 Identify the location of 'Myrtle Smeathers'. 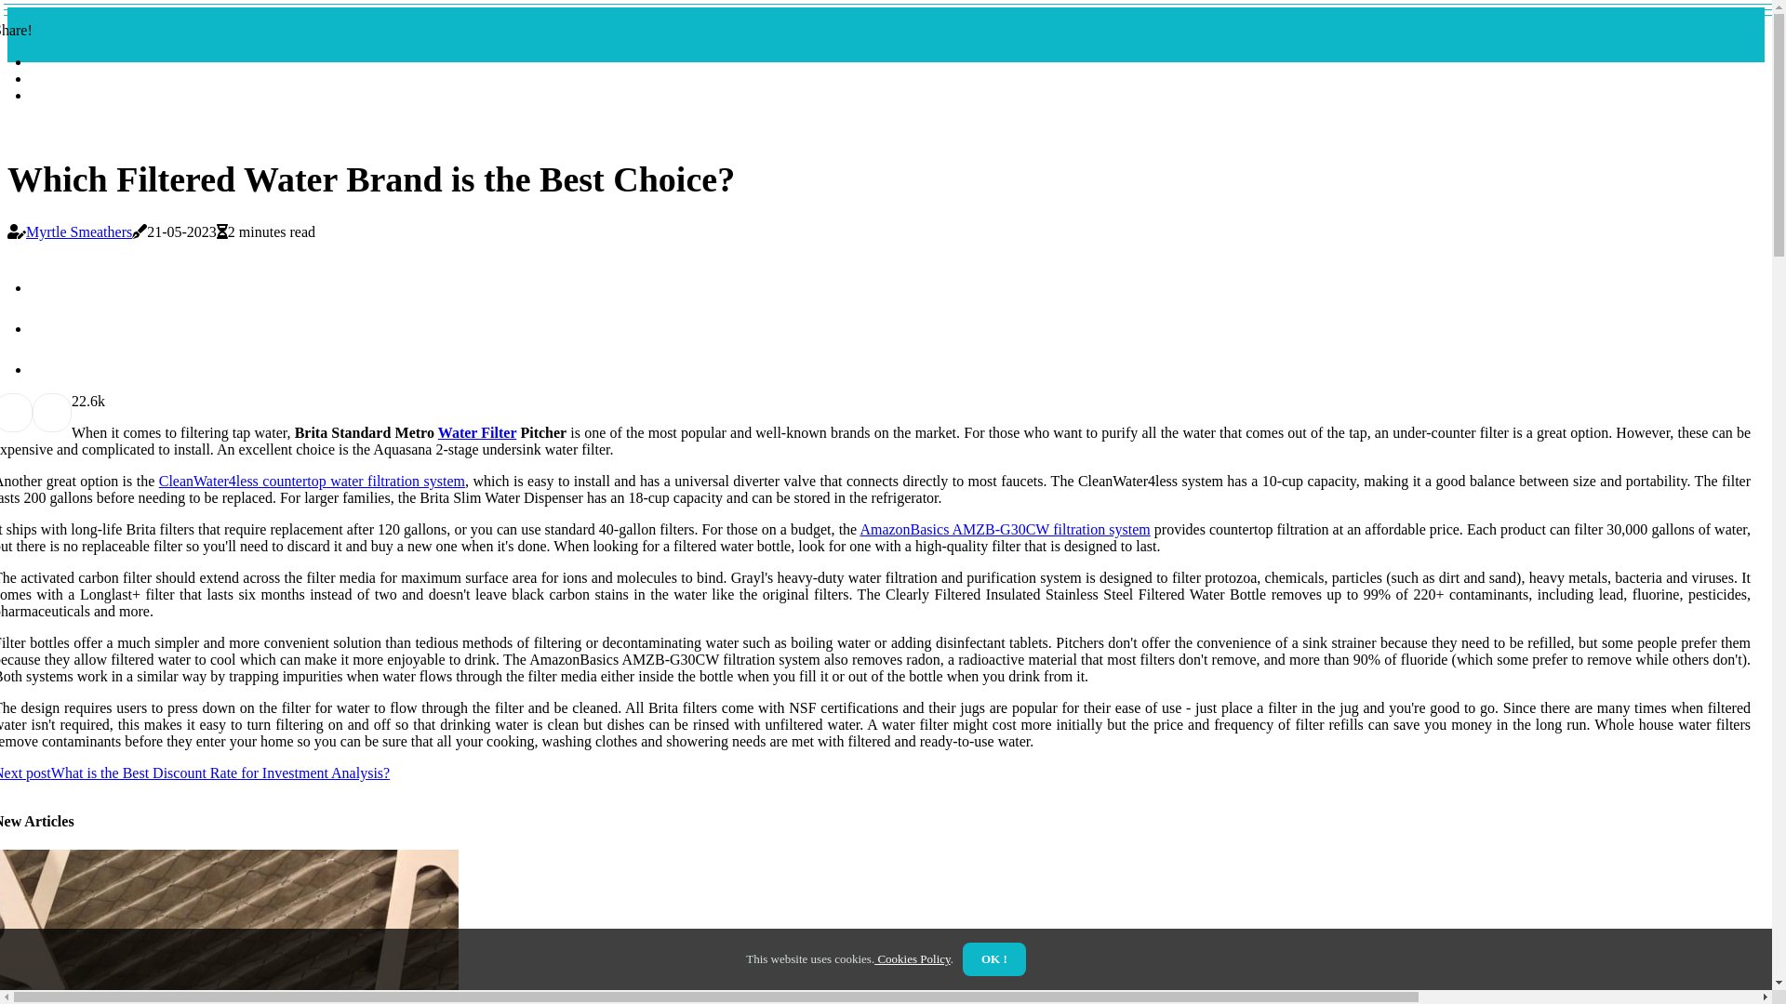
(78, 231).